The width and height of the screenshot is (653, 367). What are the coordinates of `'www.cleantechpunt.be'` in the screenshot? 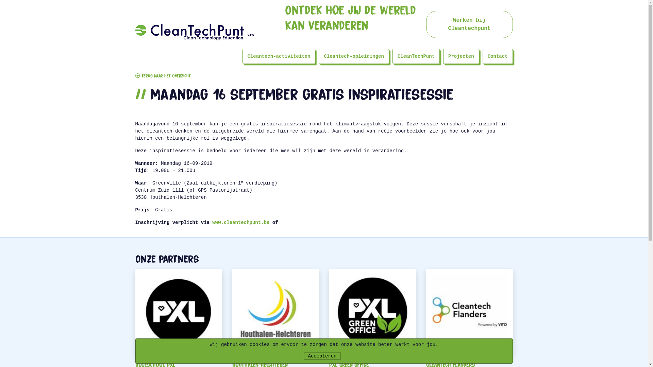 It's located at (241, 223).